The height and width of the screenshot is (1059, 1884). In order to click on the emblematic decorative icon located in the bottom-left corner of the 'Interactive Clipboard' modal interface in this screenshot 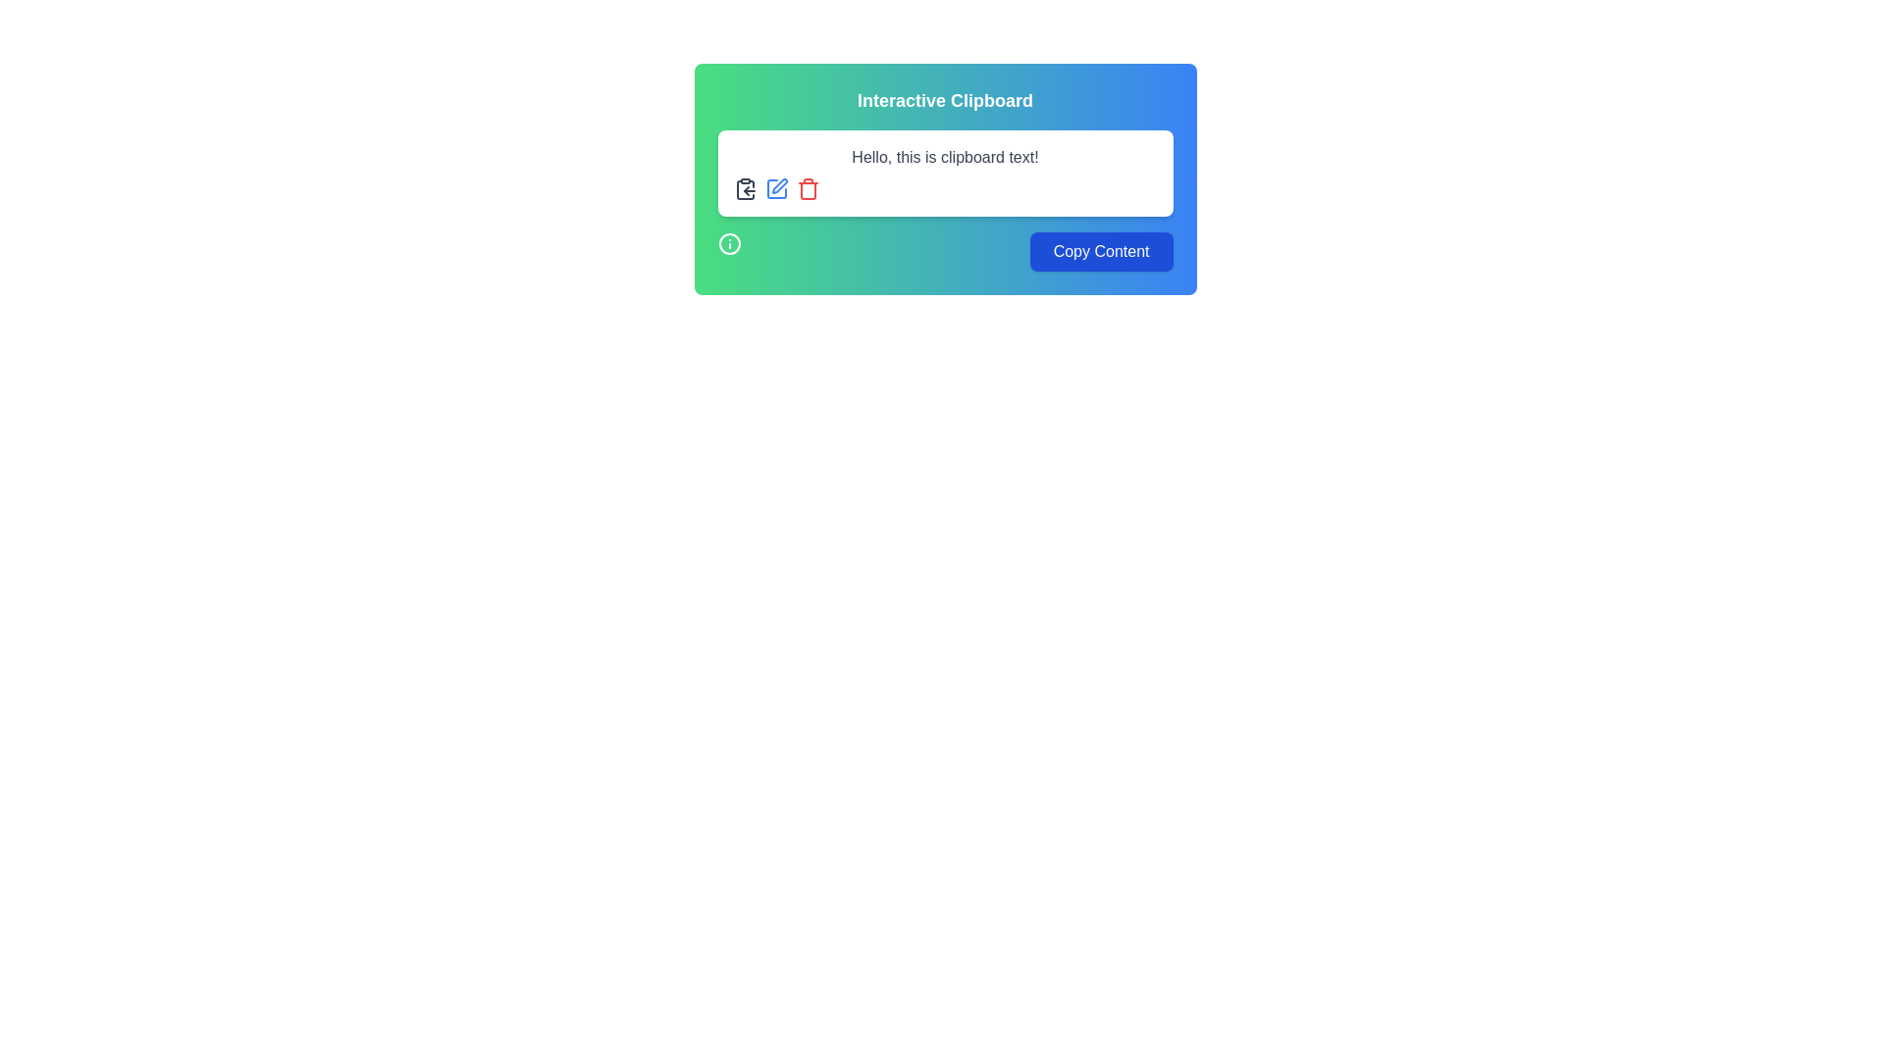, I will do `click(728, 243)`.